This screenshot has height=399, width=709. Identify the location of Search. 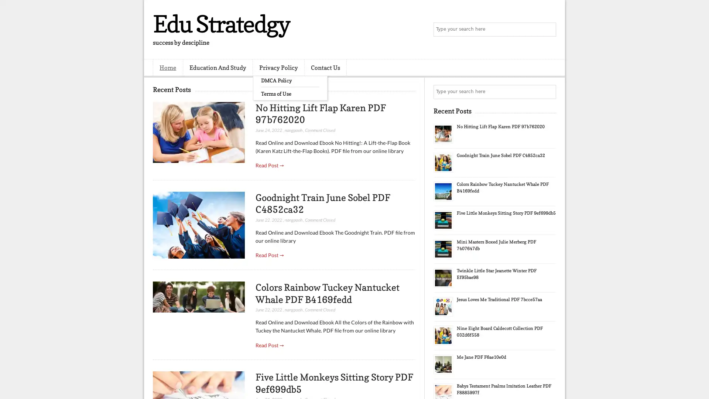
(548, 30).